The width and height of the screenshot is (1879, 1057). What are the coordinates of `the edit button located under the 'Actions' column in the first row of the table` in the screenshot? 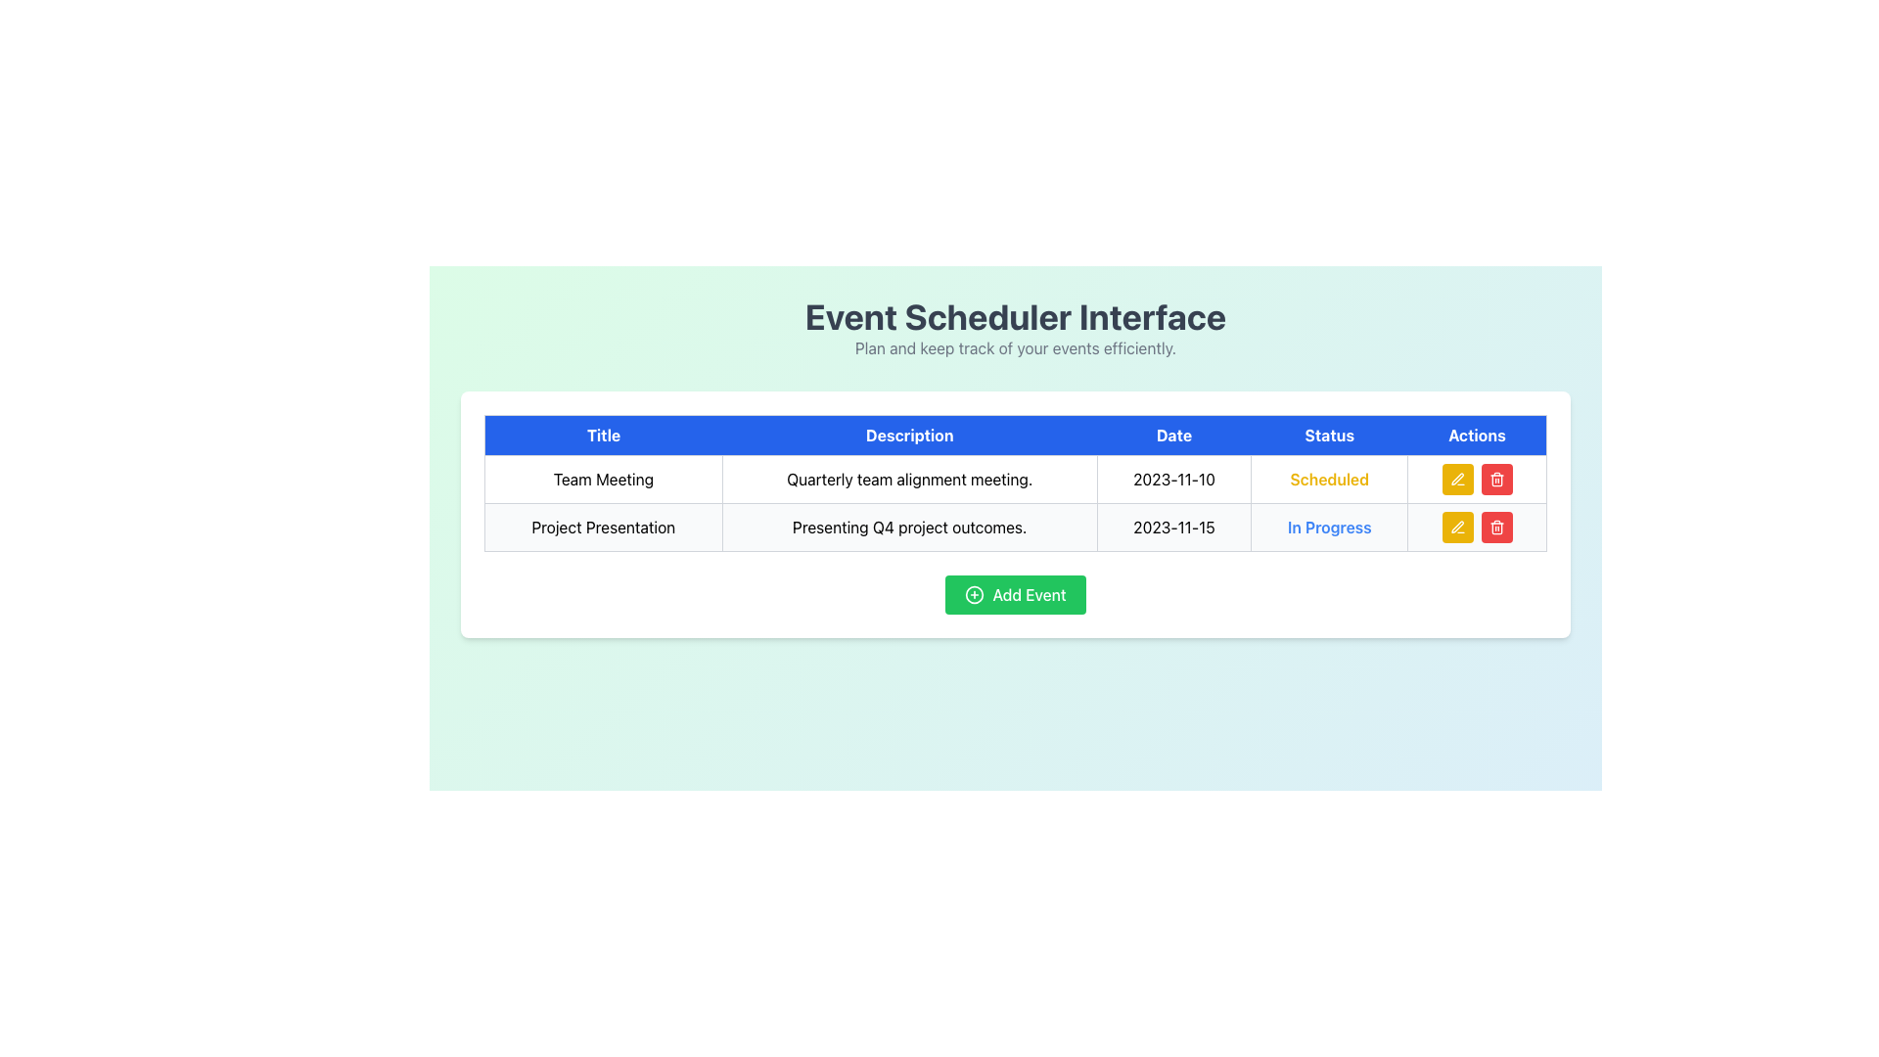 It's located at (1457, 527).